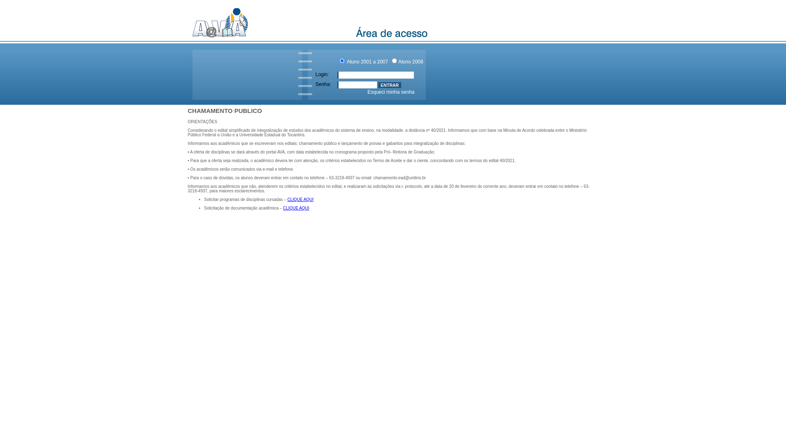  Describe the element at coordinates (391, 60) in the screenshot. I see `'2'` at that location.